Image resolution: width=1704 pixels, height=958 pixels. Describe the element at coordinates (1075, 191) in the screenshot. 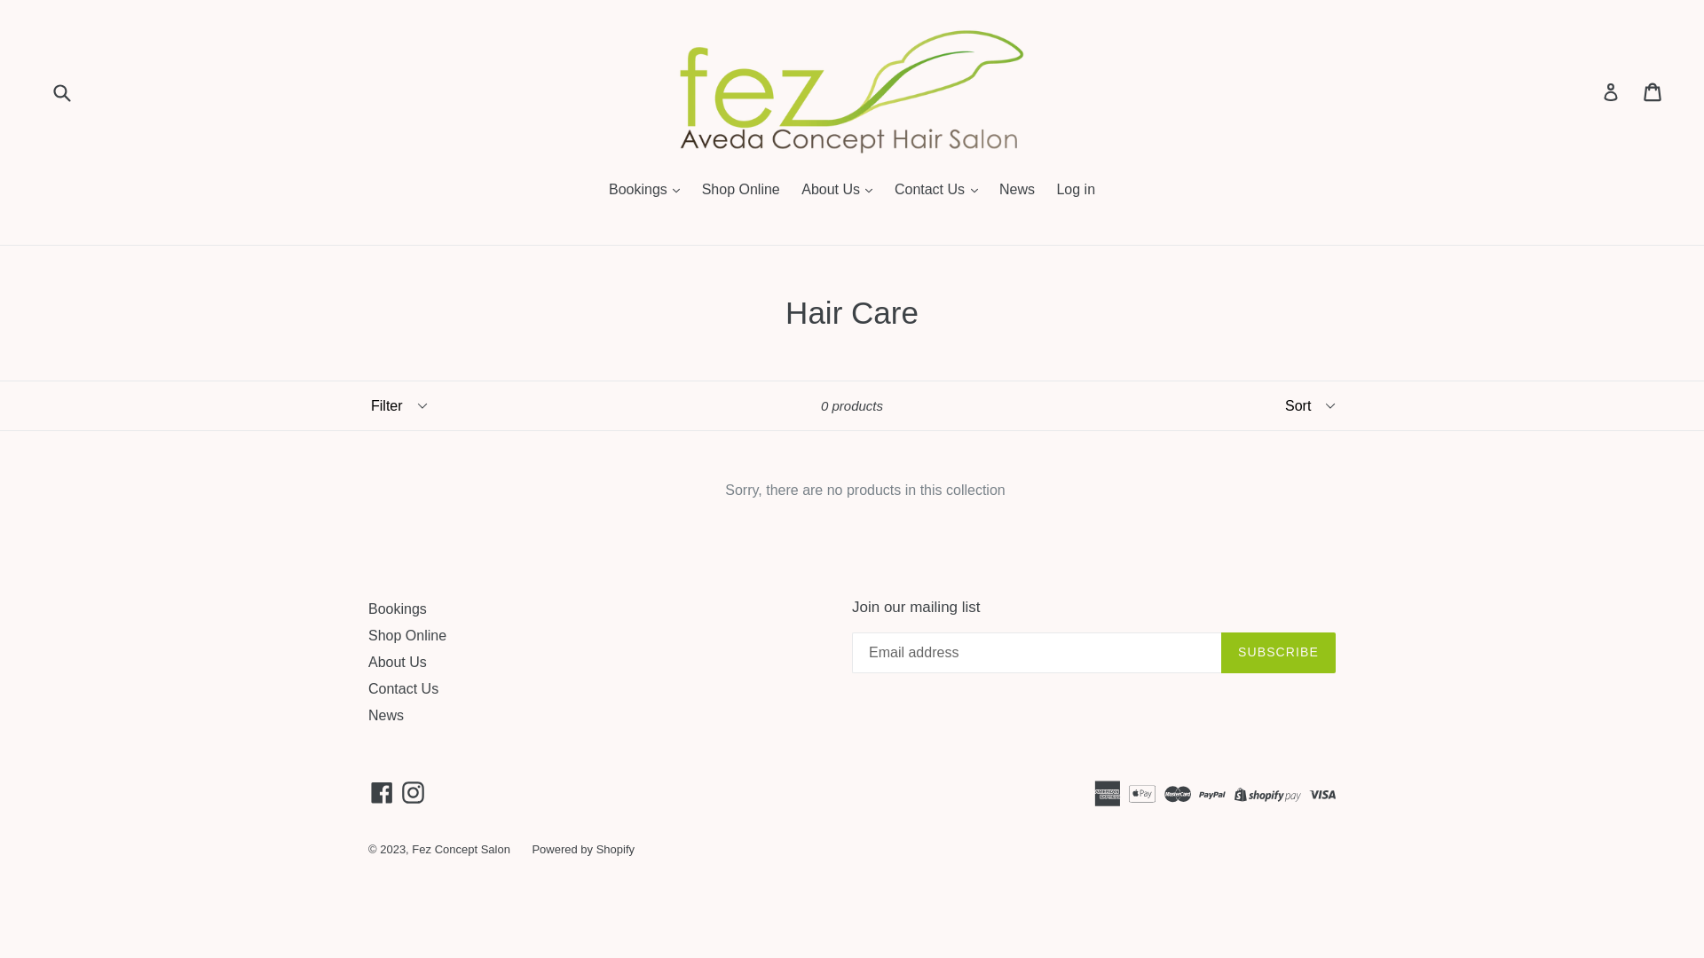

I see `'Log in'` at that location.